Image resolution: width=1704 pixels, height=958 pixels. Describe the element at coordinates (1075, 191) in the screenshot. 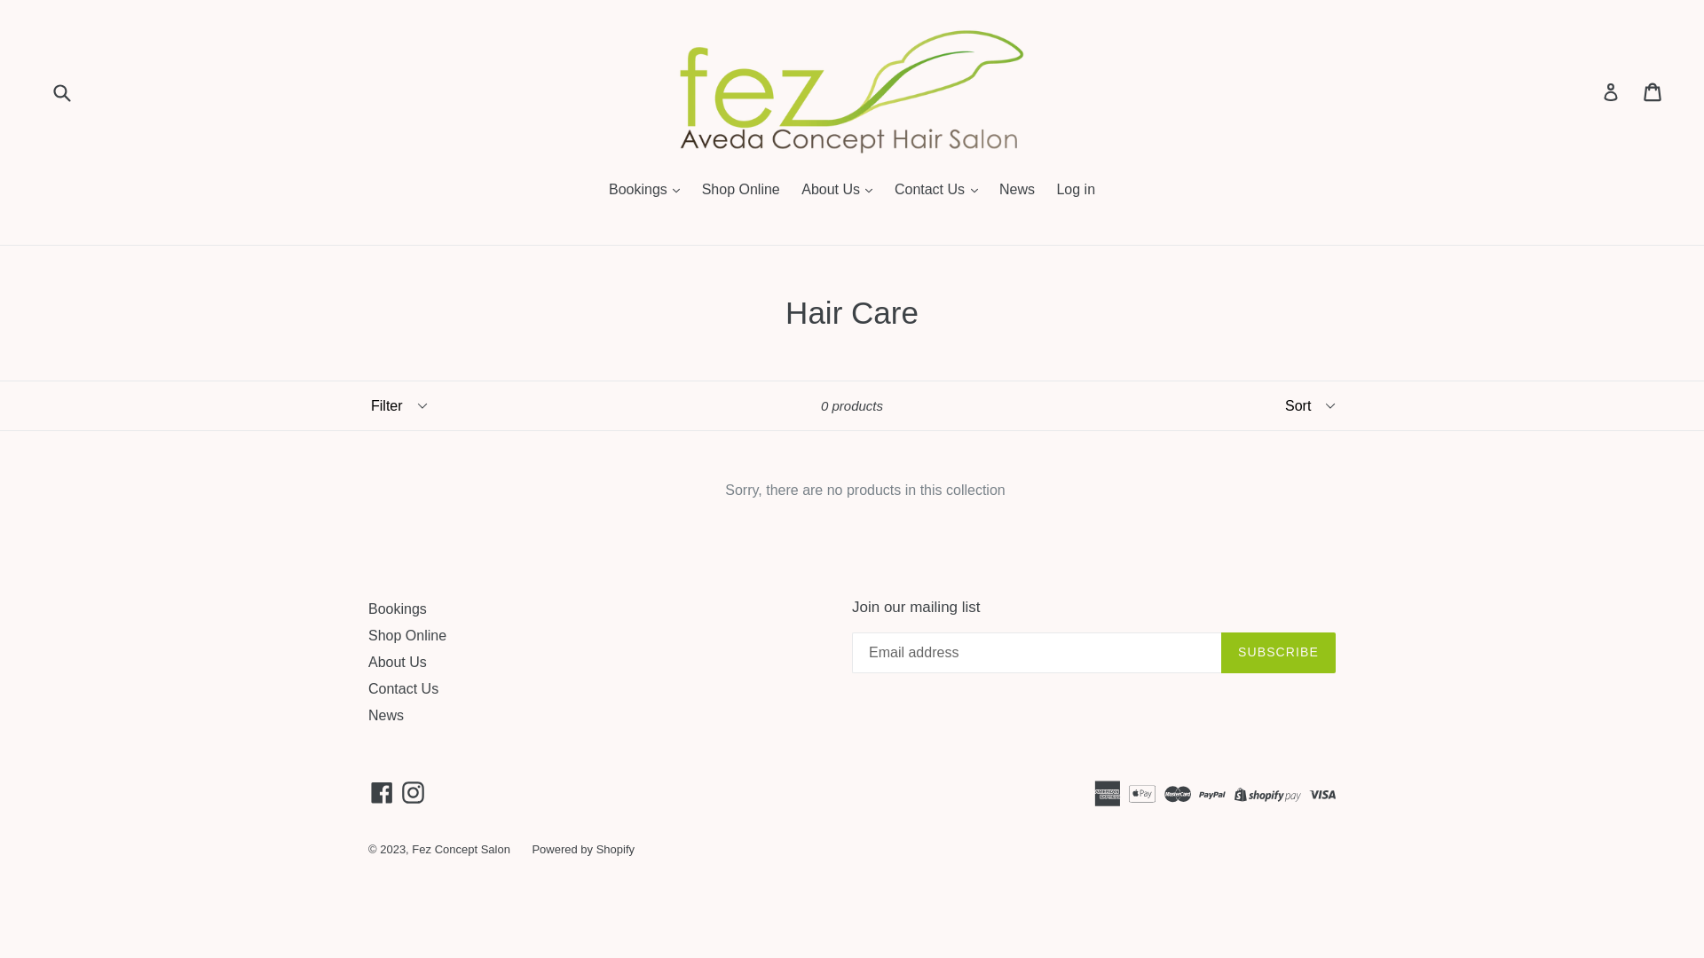

I see `'Log in'` at that location.